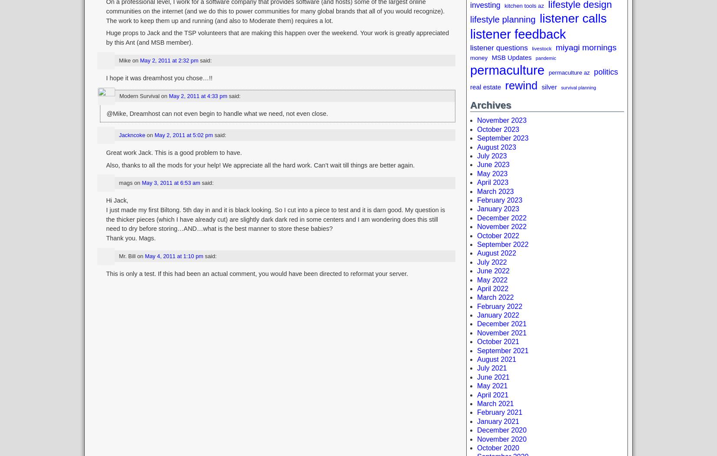 This screenshot has width=717, height=456. What do you see at coordinates (493, 164) in the screenshot?
I see `'June 2023'` at bounding box center [493, 164].